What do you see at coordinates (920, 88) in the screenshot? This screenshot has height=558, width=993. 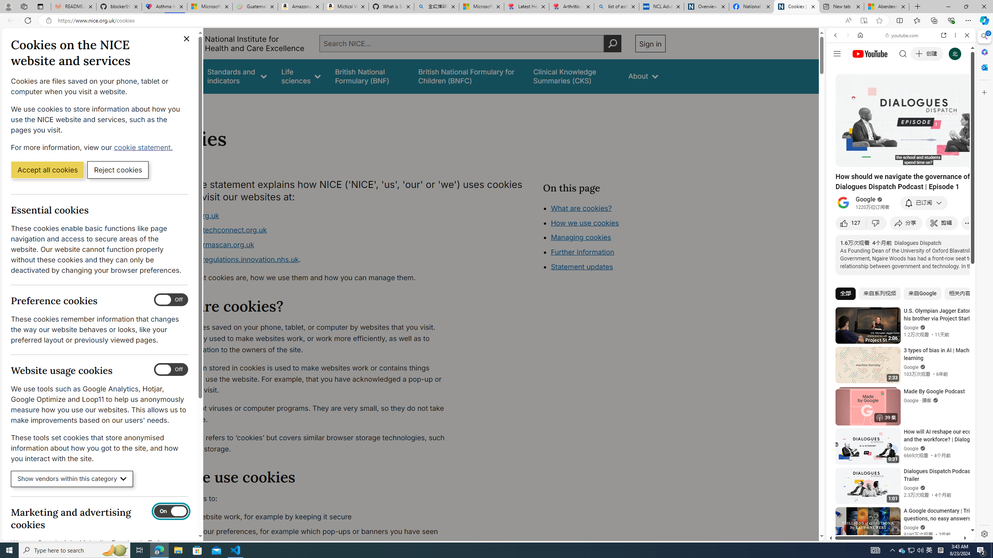 I see `'Search Filter, Search Tools'` at bounding box center [920, 88].